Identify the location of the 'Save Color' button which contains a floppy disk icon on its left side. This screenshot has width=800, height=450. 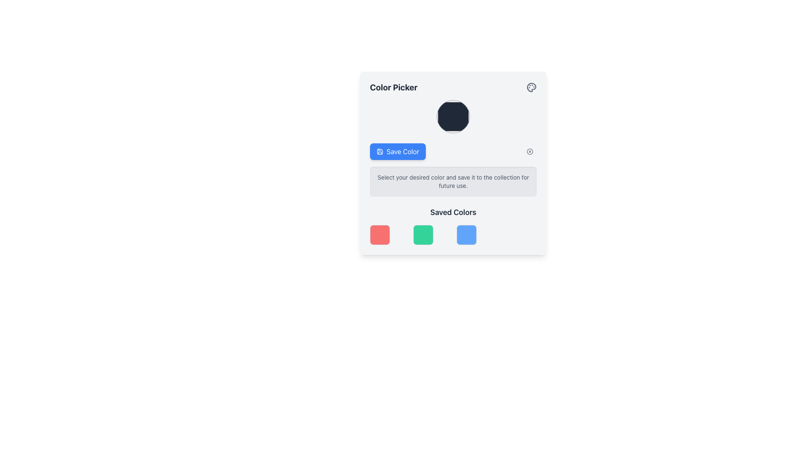
(380, 151).